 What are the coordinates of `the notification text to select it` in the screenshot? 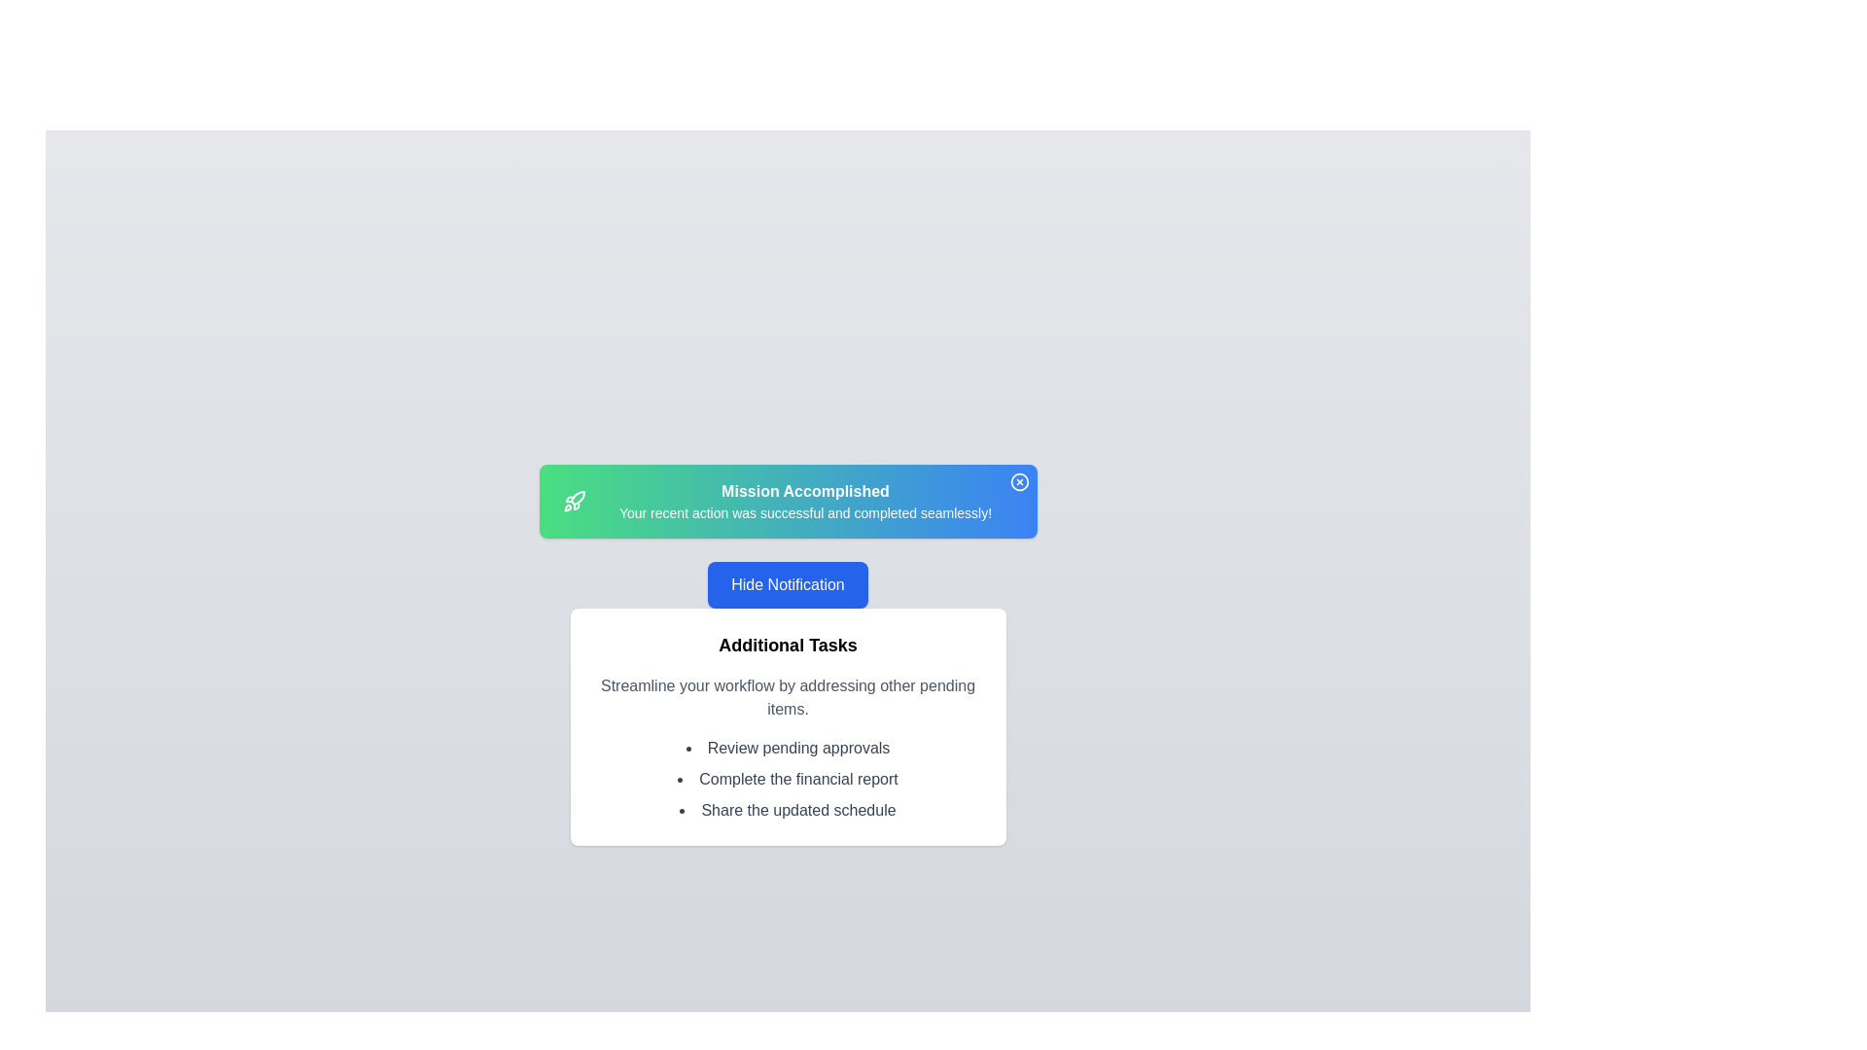 It's located at (805, 501).